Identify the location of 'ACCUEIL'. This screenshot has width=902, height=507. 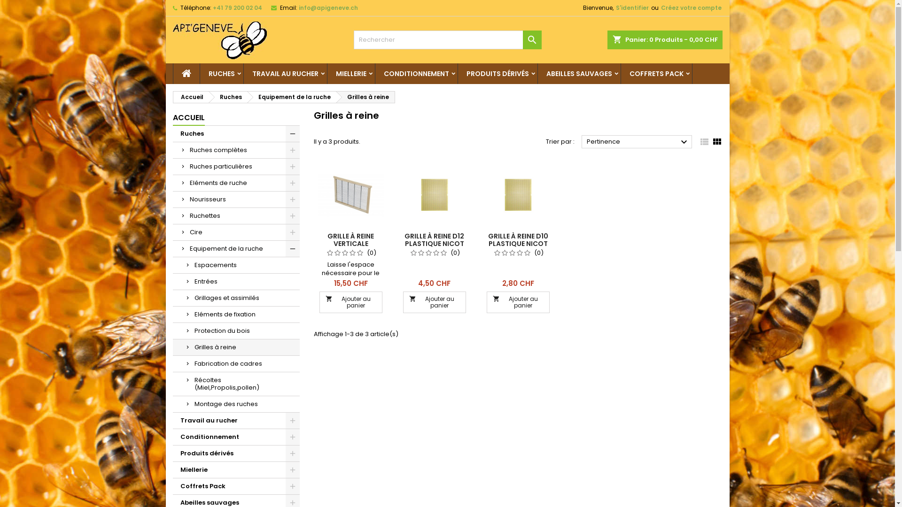
(188, 117).